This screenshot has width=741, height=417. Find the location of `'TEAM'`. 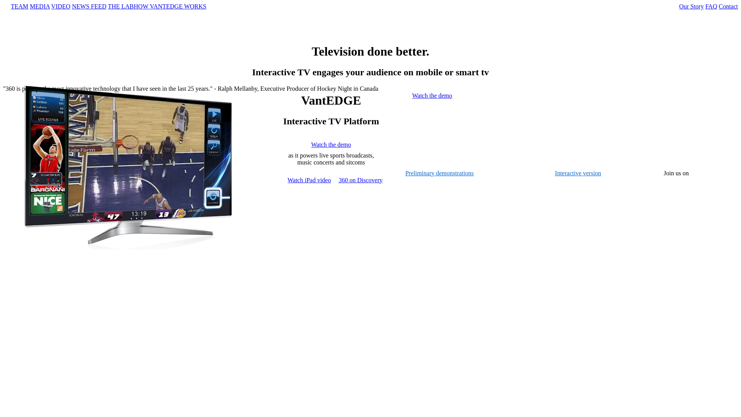

'TEAM' is located at coordinates (19, 6).